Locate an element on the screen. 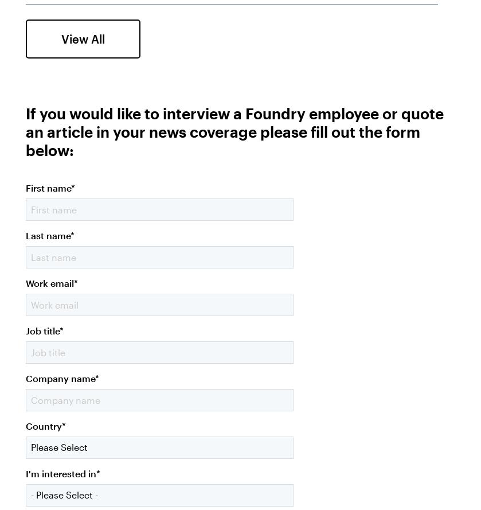 This screenshot has height=510, width=481. 'View All' is located at coordinates (83, 38).